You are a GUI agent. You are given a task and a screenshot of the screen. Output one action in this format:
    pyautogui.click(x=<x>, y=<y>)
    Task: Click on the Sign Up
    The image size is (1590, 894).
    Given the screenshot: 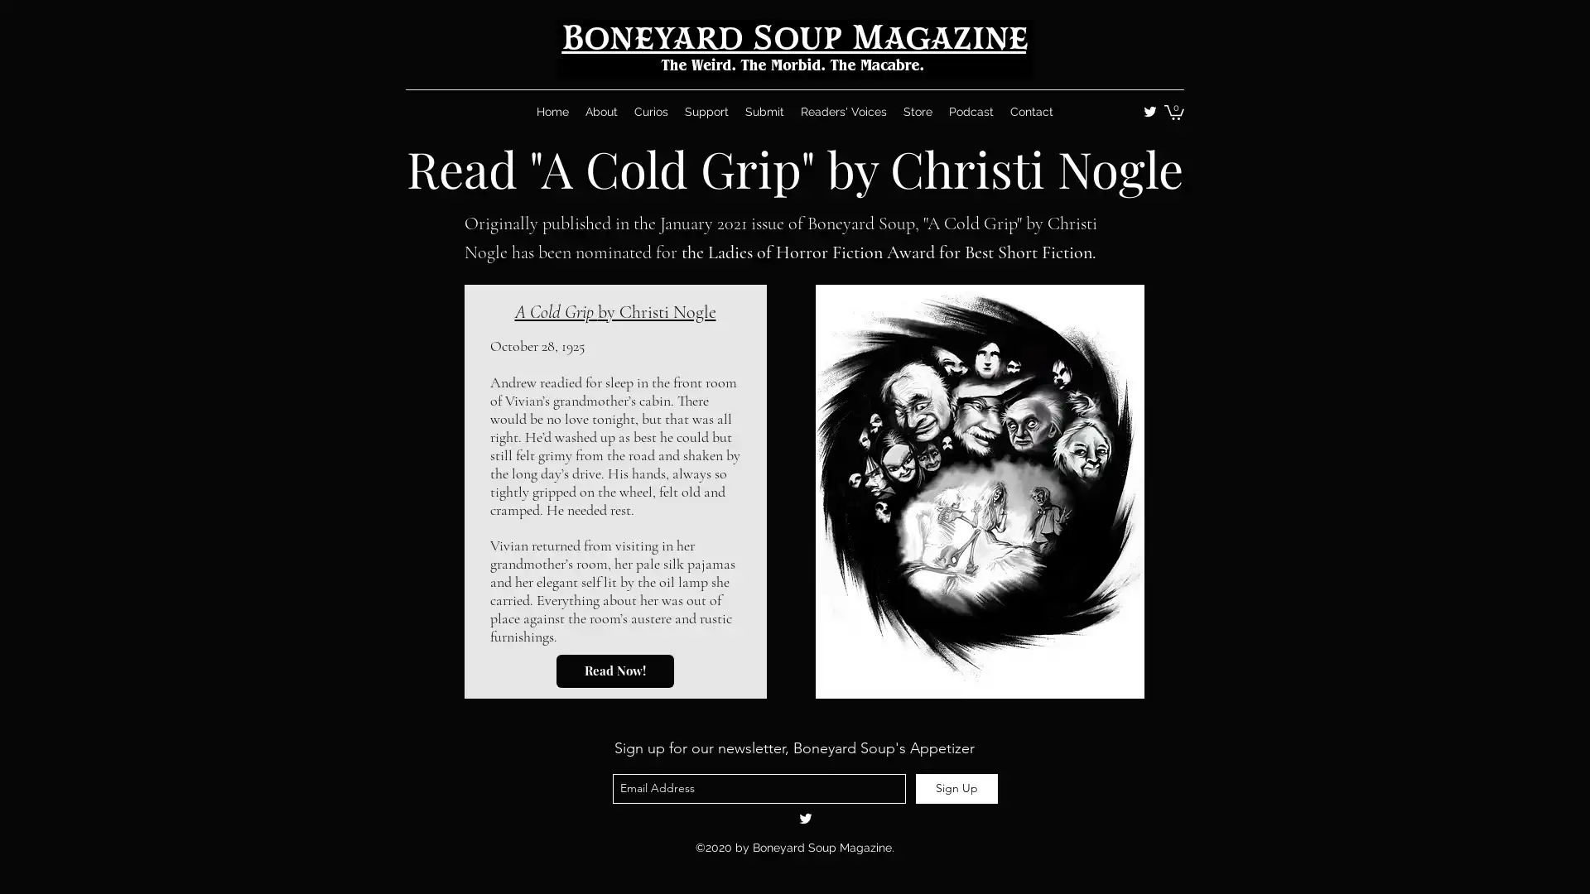 What is the action you would take?
    pyautogui.click(x=956, y=787)
    